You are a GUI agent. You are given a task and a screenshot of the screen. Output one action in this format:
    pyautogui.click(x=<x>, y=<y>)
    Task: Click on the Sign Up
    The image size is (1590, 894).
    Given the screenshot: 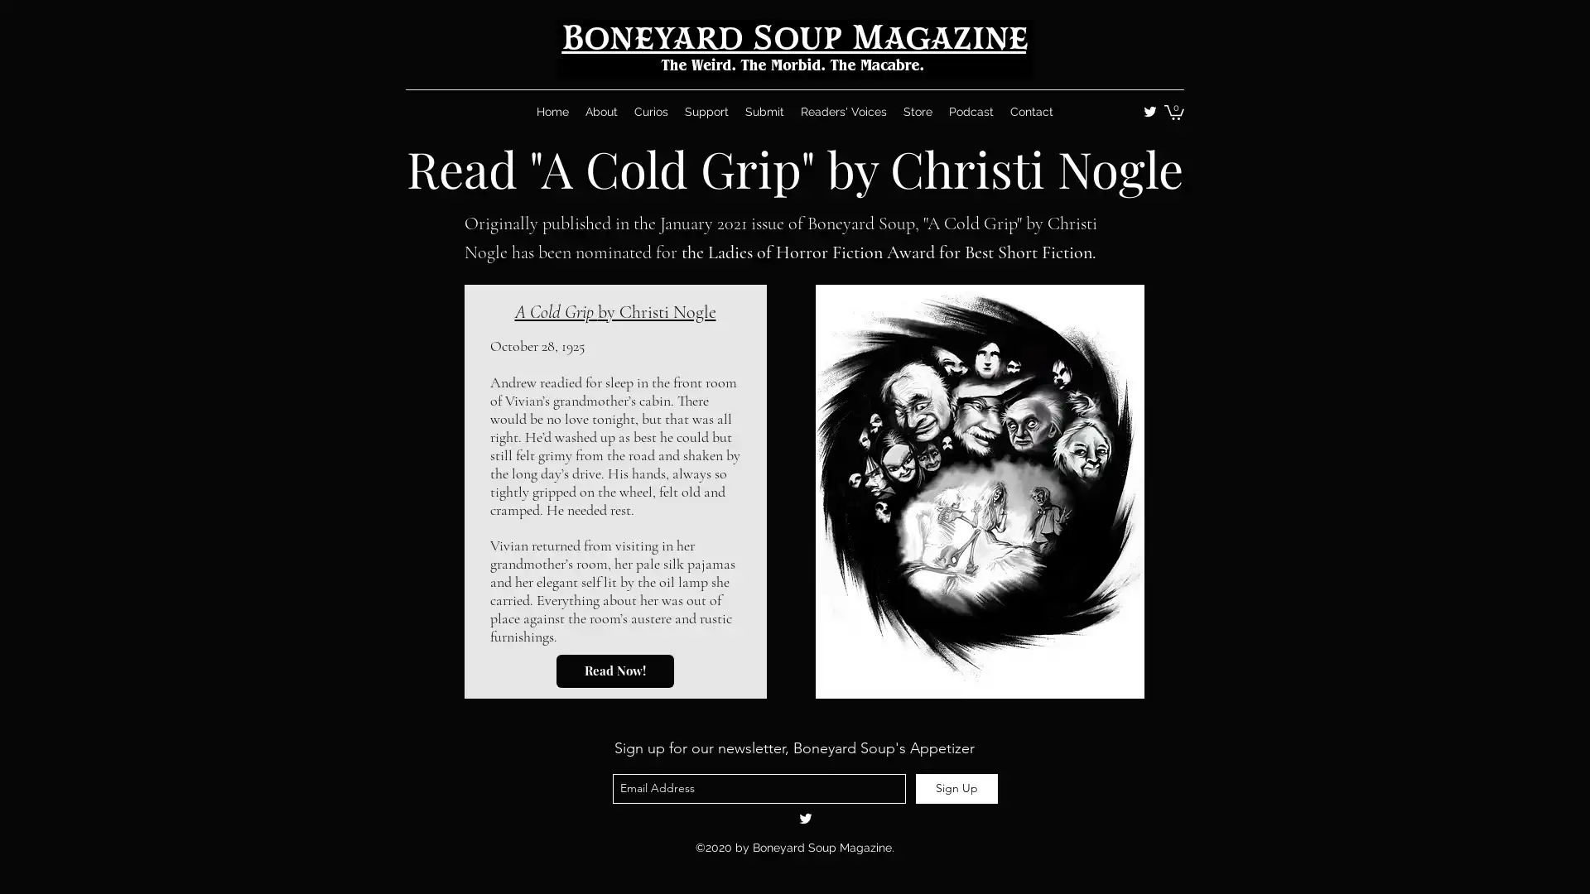 What is the action you would take?
    pyautogui.click(x=956, y=787)
    